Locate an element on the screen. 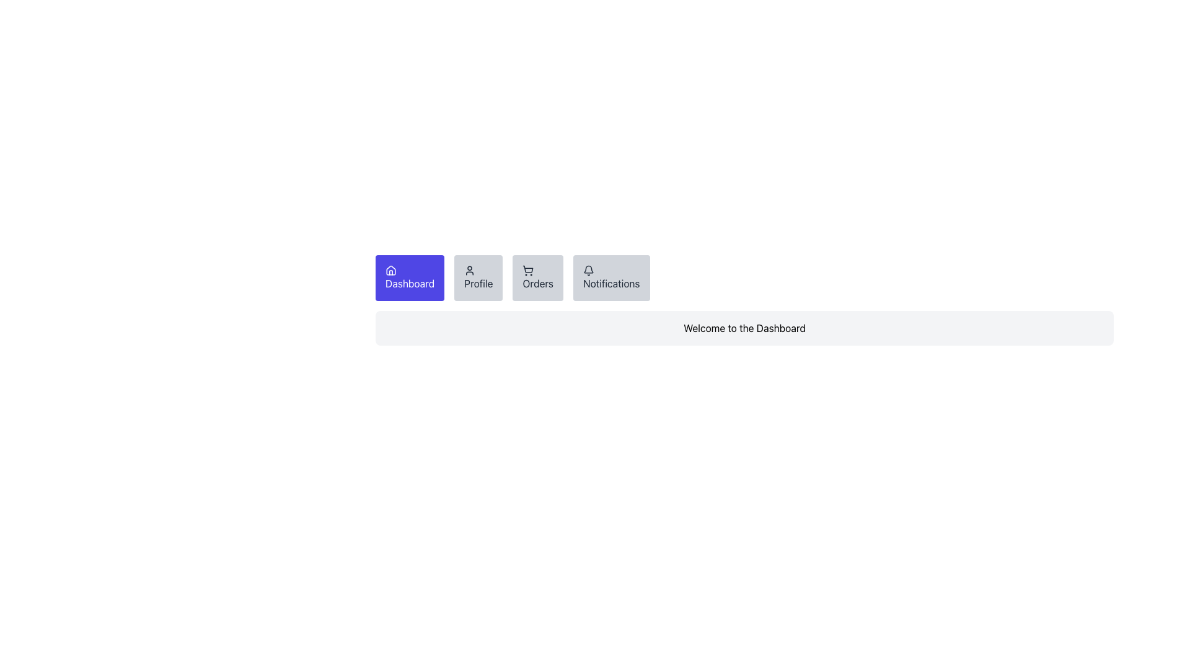  the shopping cart SVG icon located within the 'Orders' navigation button, positioned between the 'Profile' and 'Notifications' buttons in the top center toolbar is located at coordinates (528, 269).